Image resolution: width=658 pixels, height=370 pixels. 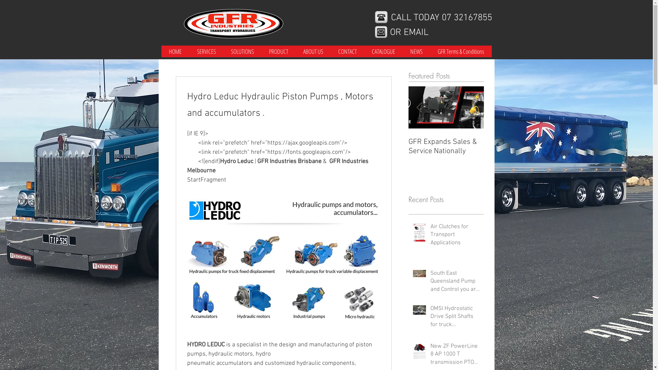 What do you see at coordinates (455, 236) in the screenshot?
I see `'Air Clutches for Transport Applications'` at bounding box center [455, 236].